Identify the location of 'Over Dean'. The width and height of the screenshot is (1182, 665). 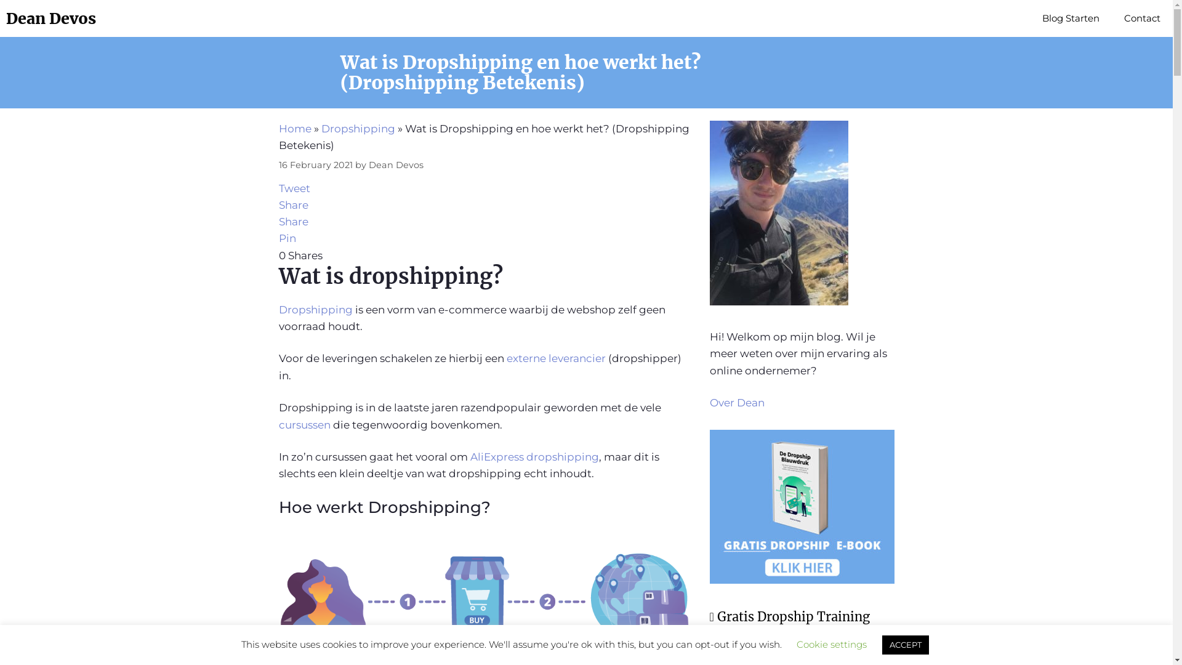
(736, 403).